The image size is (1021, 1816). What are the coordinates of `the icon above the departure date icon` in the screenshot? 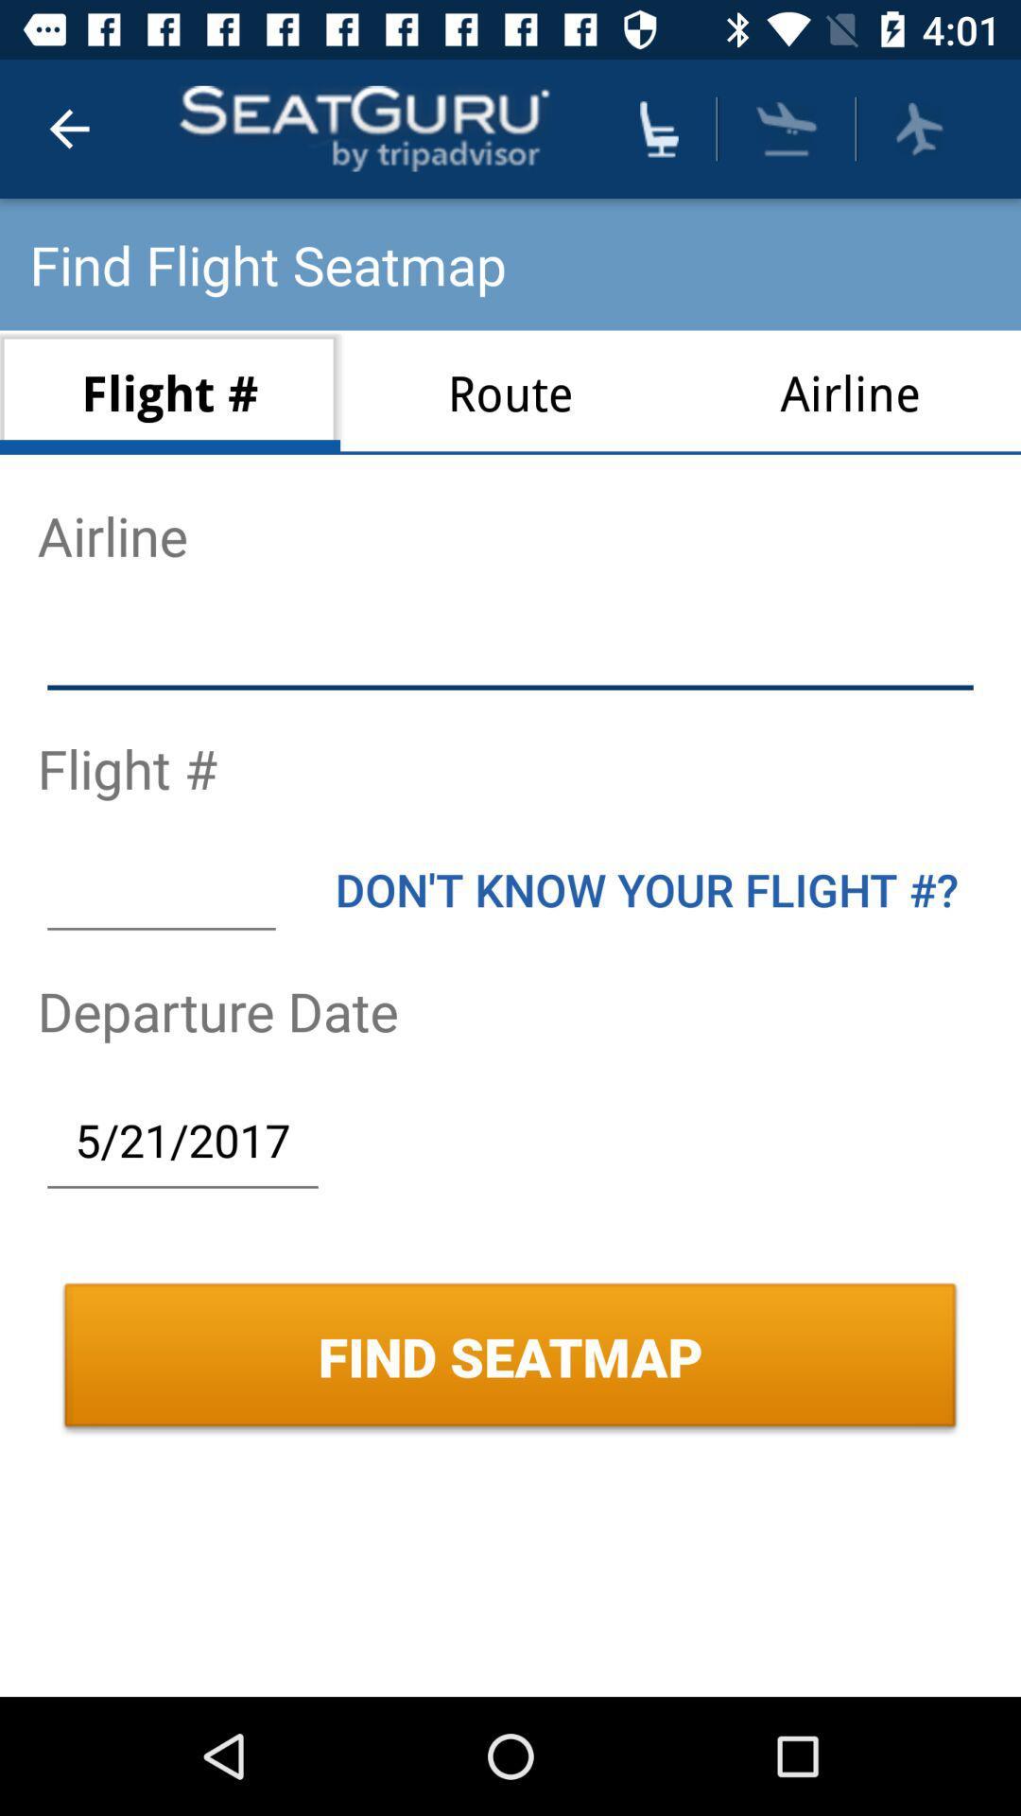 It's located at (646, 888).